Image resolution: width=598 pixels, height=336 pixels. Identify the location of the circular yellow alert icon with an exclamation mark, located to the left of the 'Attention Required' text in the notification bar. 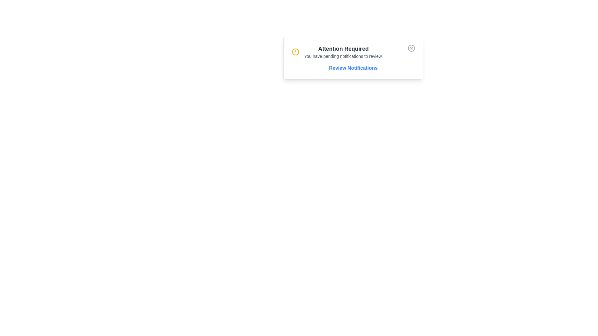
(295, 51).